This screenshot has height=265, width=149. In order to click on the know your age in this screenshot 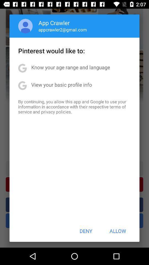, I will do `click(71, 67)`.